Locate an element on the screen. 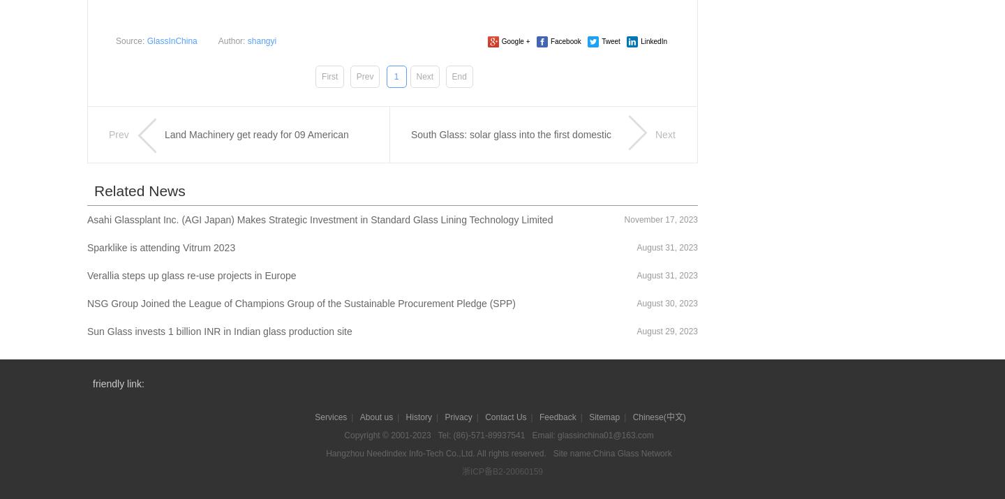 The width and height of the screenshot is (1005, 499). 'Land Machinery get ready for 09 American International Glass Window & Door Expo' is located at coordinates (165, 162).